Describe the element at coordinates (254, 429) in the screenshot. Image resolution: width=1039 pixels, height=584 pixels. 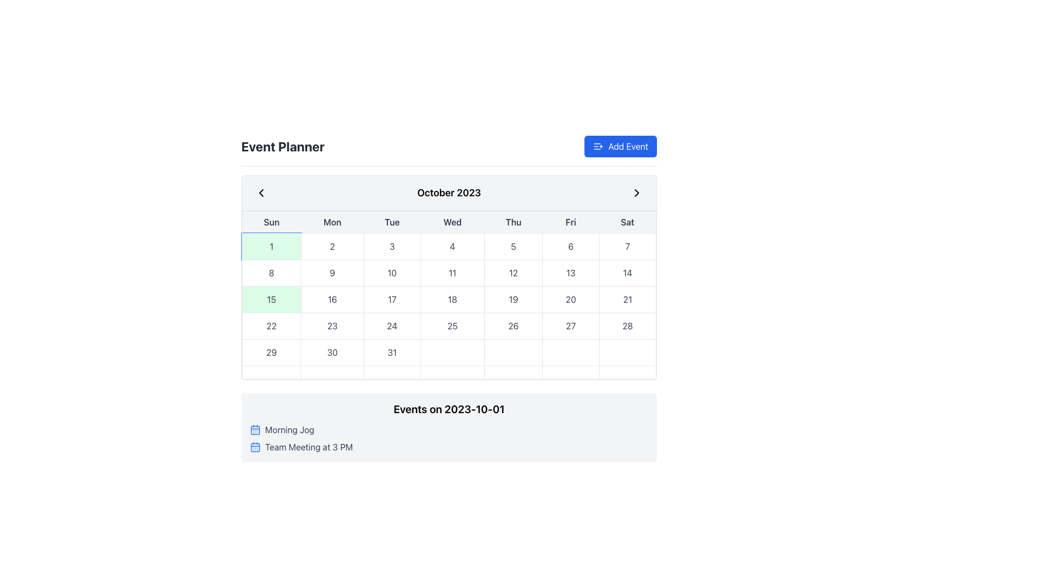
I see `the blue calendar icon located inside the 'Morning Jog' entry box, positioned on the far left adjacent to the descriptive text` at that location.